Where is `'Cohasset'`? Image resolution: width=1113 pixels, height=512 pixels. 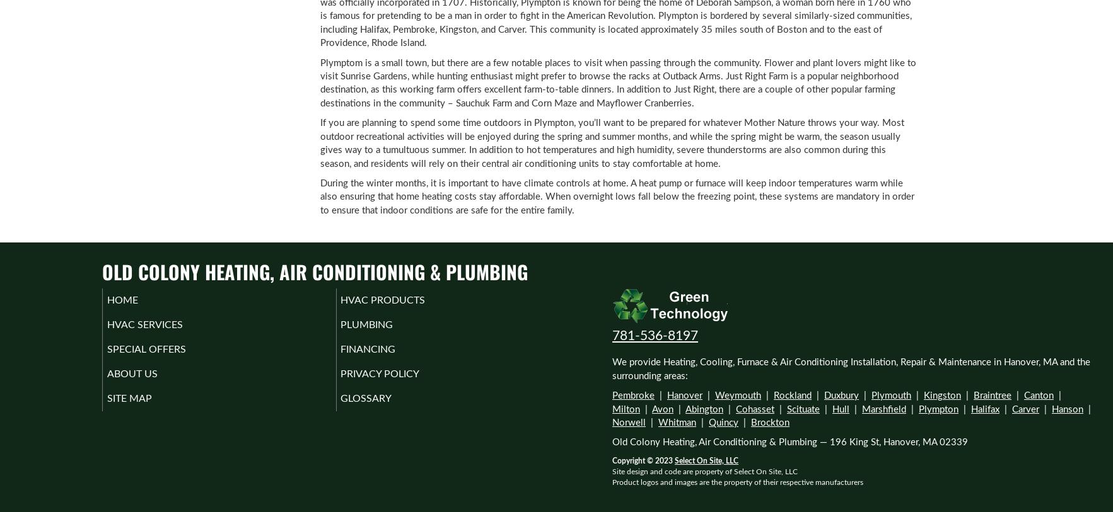 'Cohasset' is located at coordinates (755, 409).